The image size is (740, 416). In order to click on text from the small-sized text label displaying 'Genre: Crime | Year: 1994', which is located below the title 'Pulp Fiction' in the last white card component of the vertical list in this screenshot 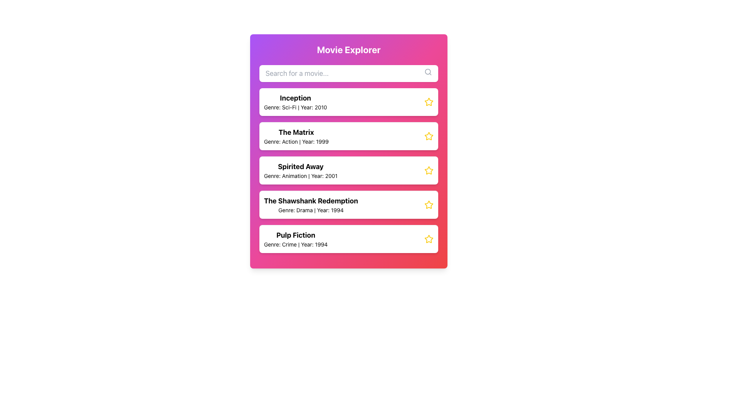, I will do `click(295, 245)`.